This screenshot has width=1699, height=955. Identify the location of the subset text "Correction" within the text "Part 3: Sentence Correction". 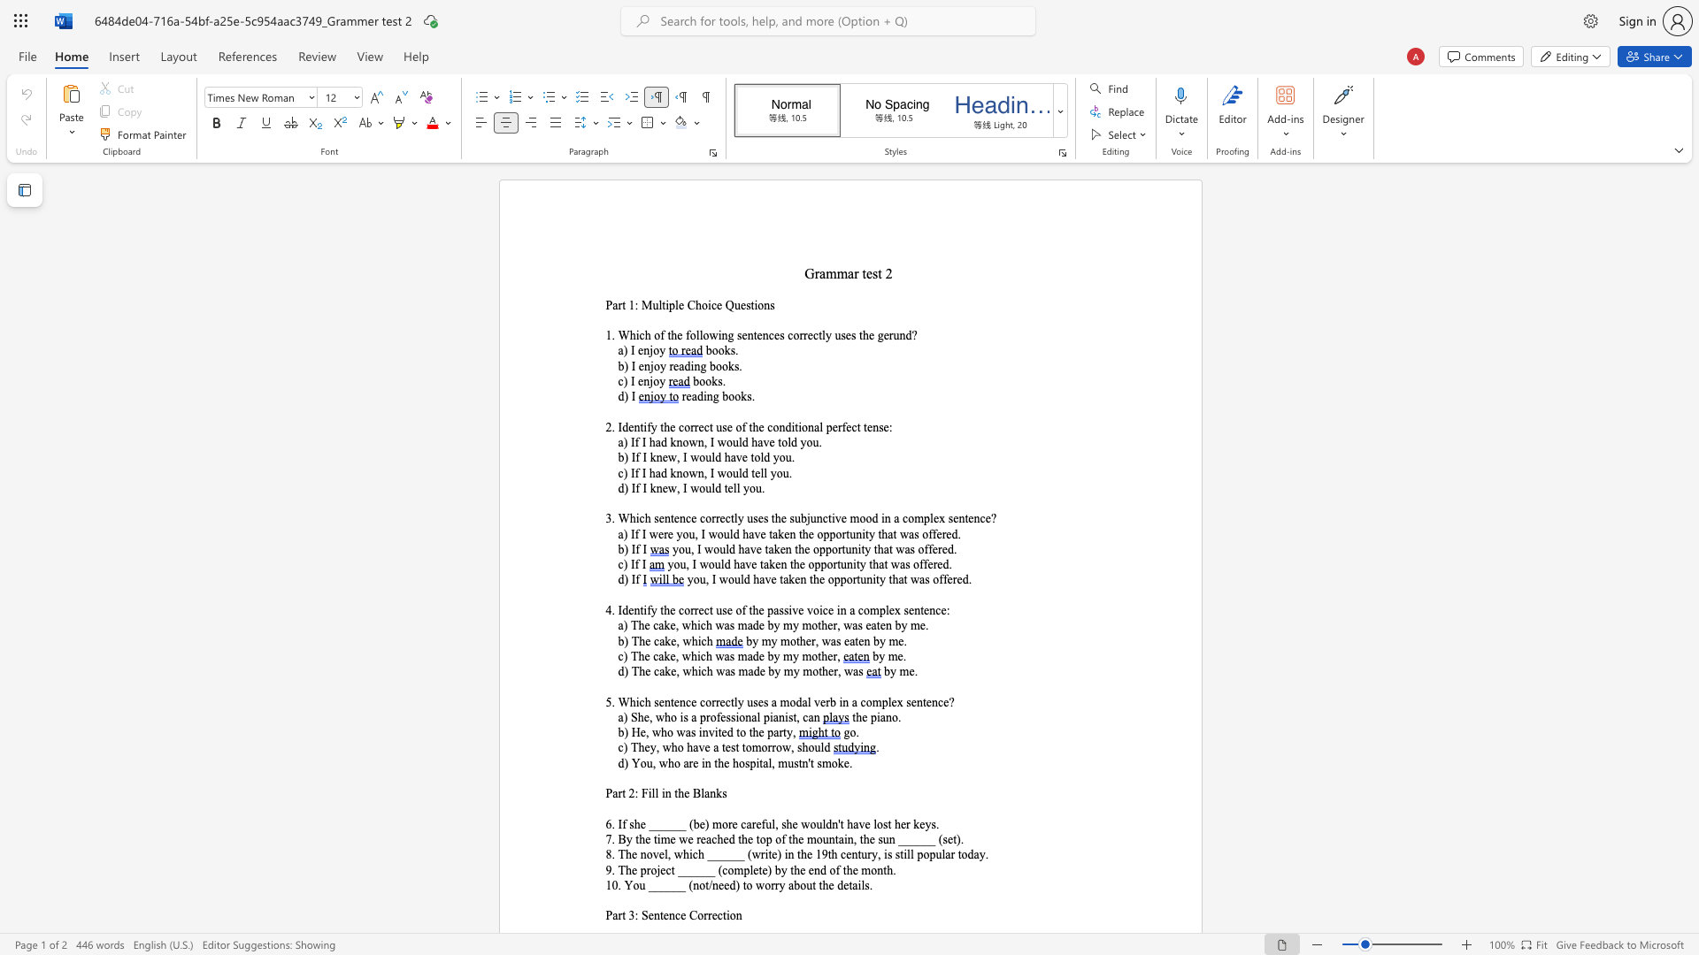
(688, 915).